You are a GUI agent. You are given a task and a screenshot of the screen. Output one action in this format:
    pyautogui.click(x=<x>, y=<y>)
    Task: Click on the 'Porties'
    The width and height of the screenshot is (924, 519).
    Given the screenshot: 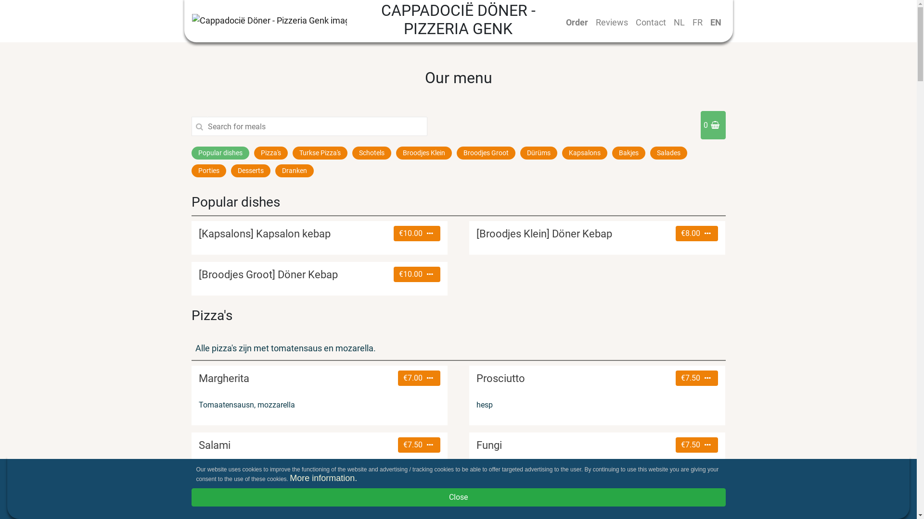 What is the action you would take?
    pyautogui.click(x=208, y=170)
    